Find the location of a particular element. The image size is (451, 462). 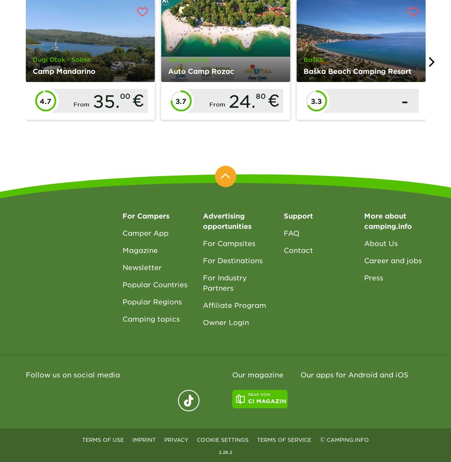

'Cookie settings' is located at coordinates (222, 439).